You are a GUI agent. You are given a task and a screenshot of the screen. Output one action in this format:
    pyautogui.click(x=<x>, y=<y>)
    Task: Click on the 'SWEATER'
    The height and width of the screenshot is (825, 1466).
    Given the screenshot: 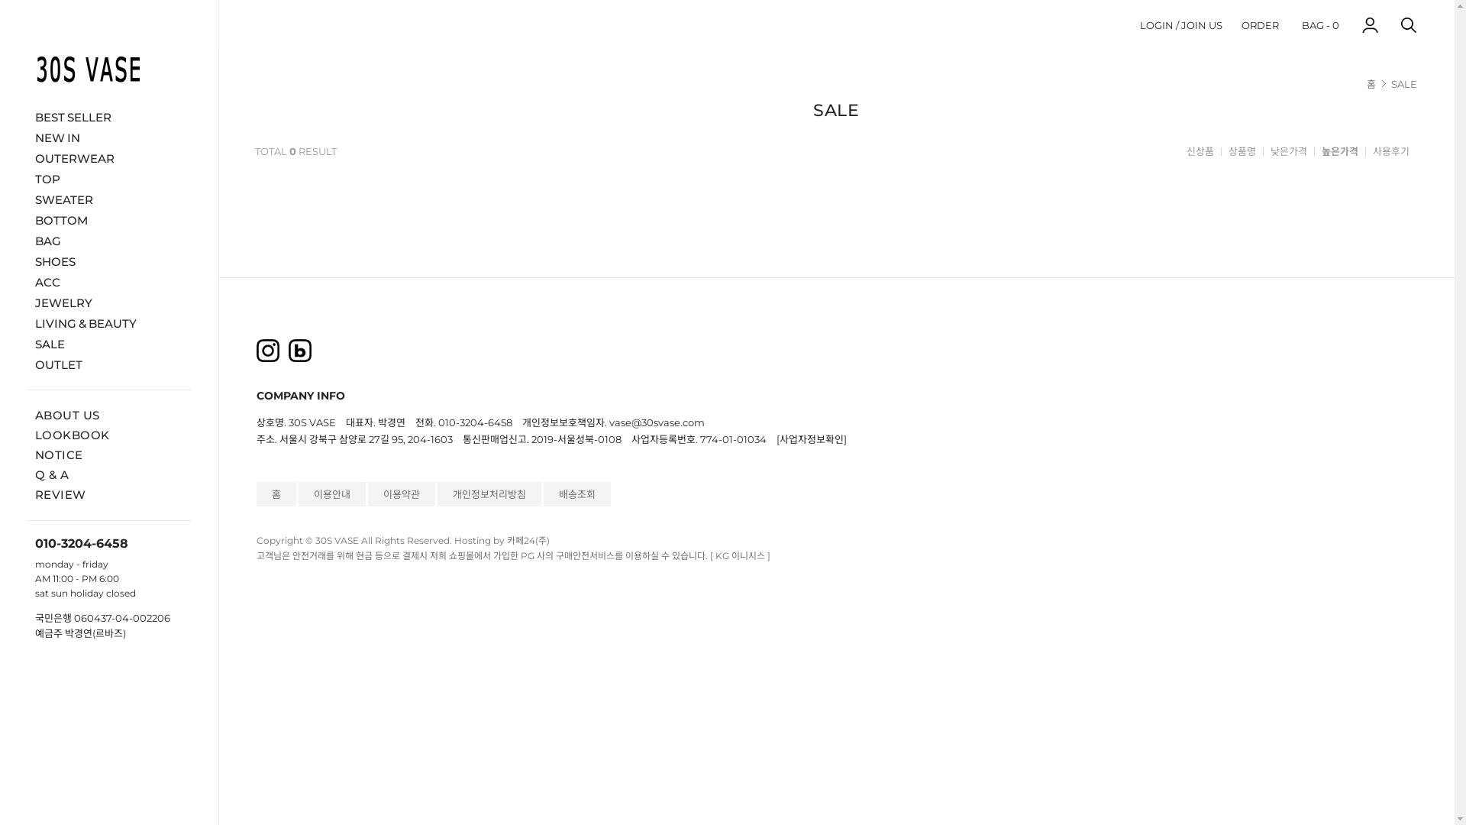 What is the action you would take?
    pyautogui.click(x=27, y=198)
    